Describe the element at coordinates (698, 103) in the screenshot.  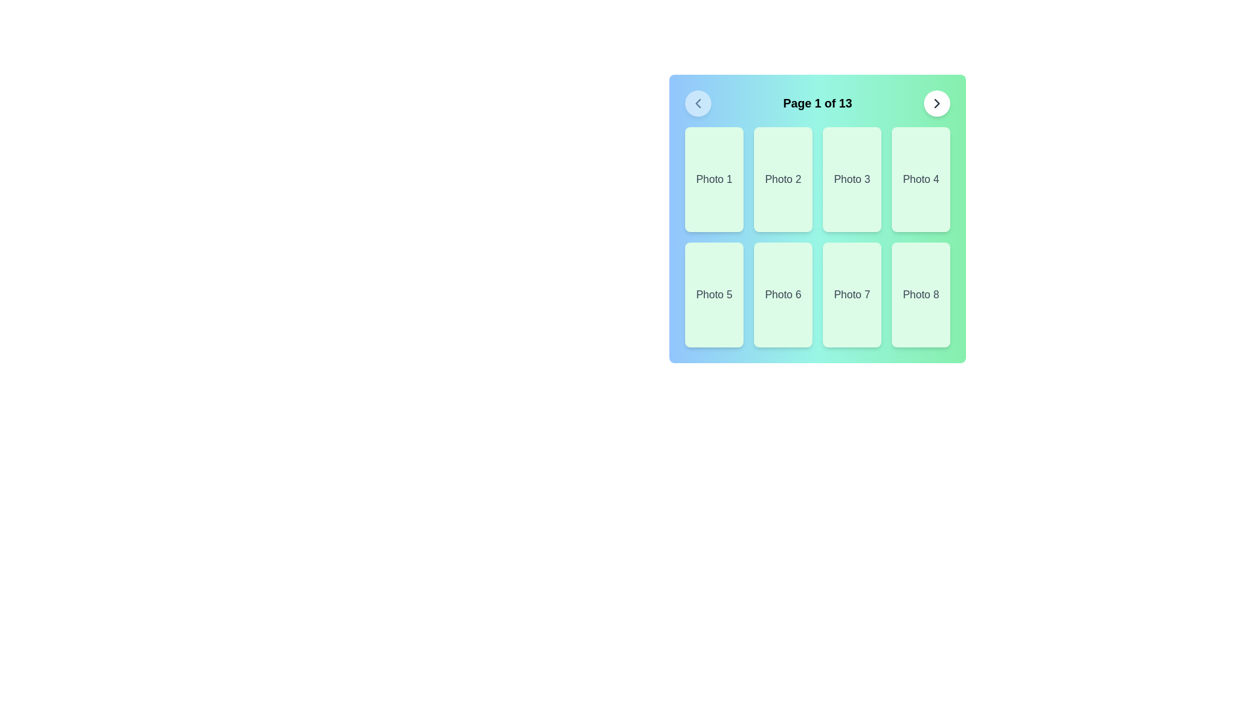
I see `the navigational button located just to the left of 'Page 1 of 13'` at that location.